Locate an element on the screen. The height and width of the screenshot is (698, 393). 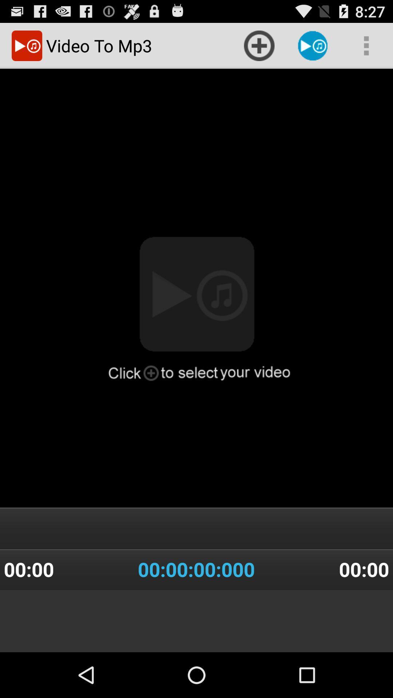
the item at the top is located at coordinates (259, 45).